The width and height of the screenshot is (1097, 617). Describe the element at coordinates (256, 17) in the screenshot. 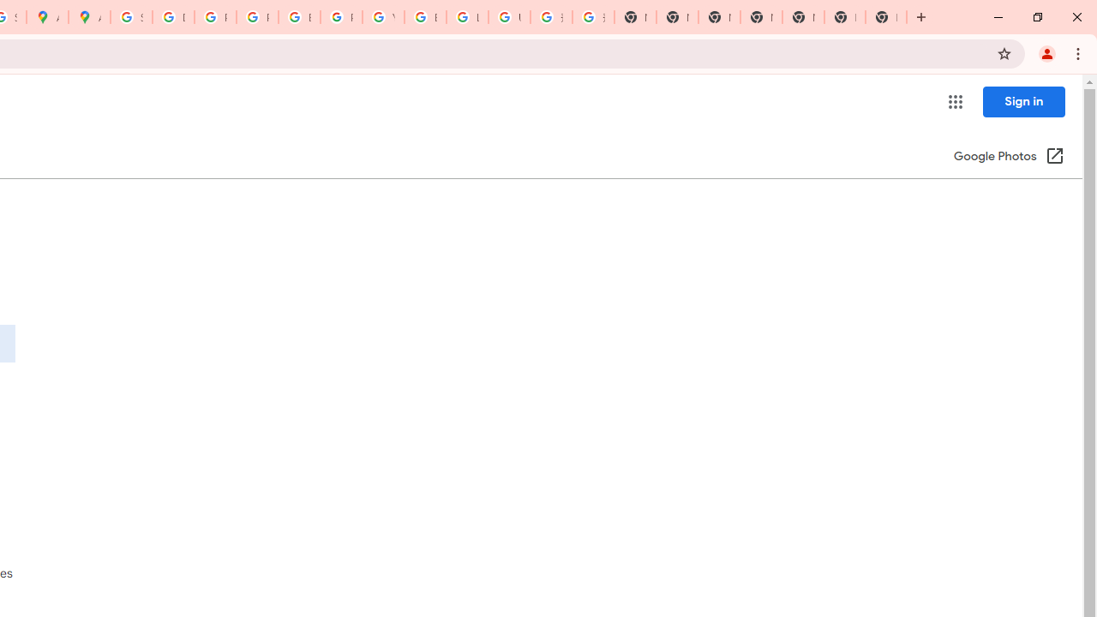

I see `'Privacy Help Center - Policies Help'` at that location.